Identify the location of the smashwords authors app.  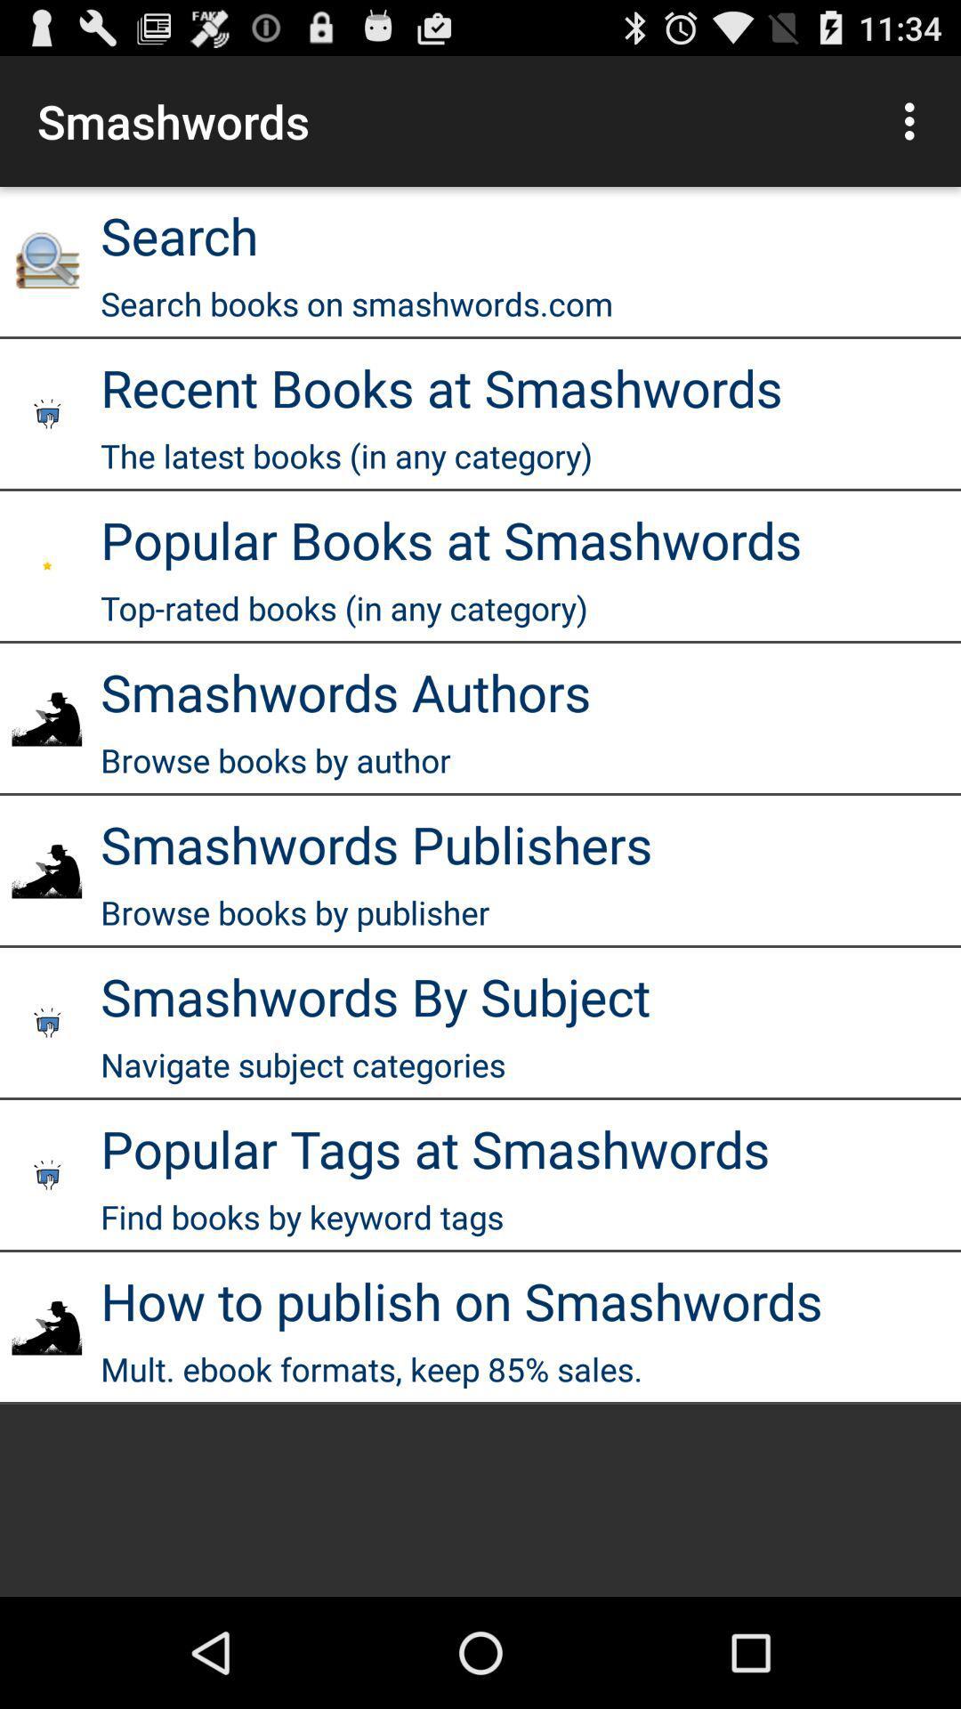
(345, 691).